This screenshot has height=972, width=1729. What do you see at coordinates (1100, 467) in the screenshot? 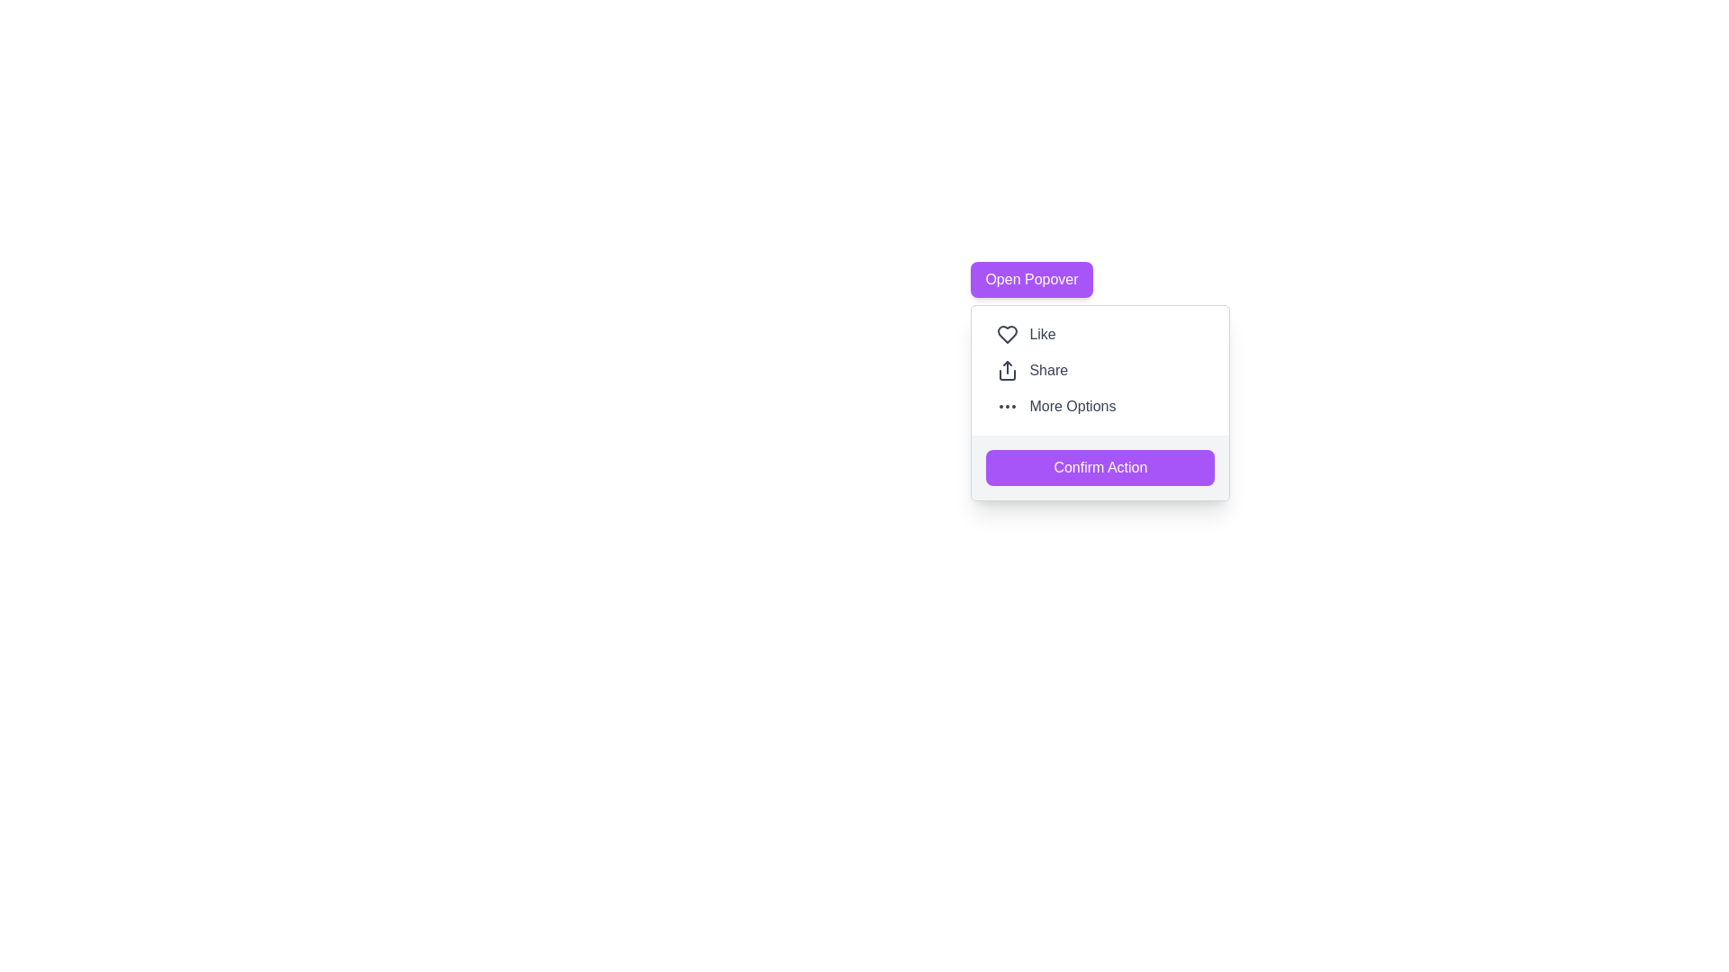
I see `the 'Confirm Action' button, which is a rectangular button with a vibrant purple background and white text, located at the bottom of the menu options` at bounding box center [1100, 467].